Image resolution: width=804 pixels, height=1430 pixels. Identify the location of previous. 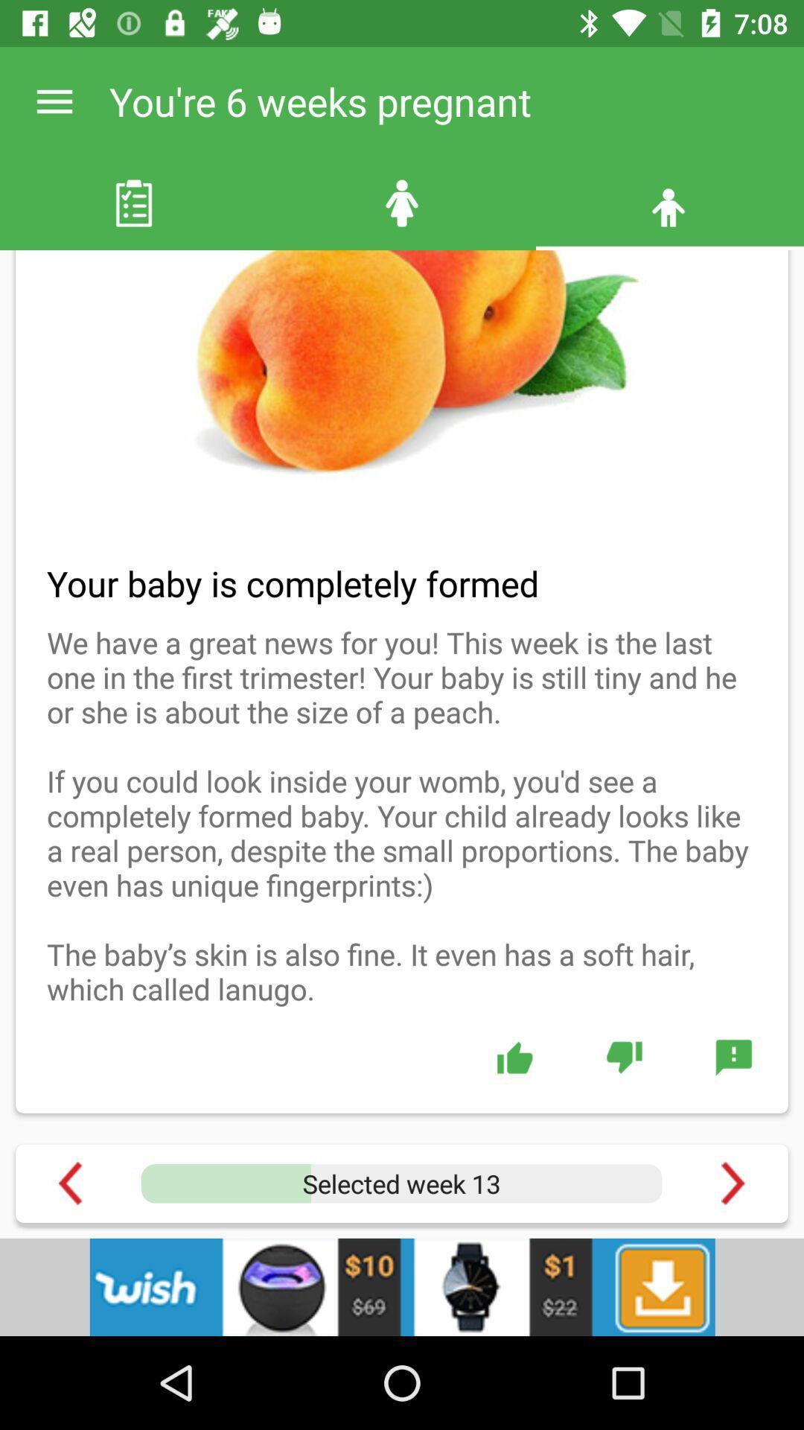
(70, 1183).